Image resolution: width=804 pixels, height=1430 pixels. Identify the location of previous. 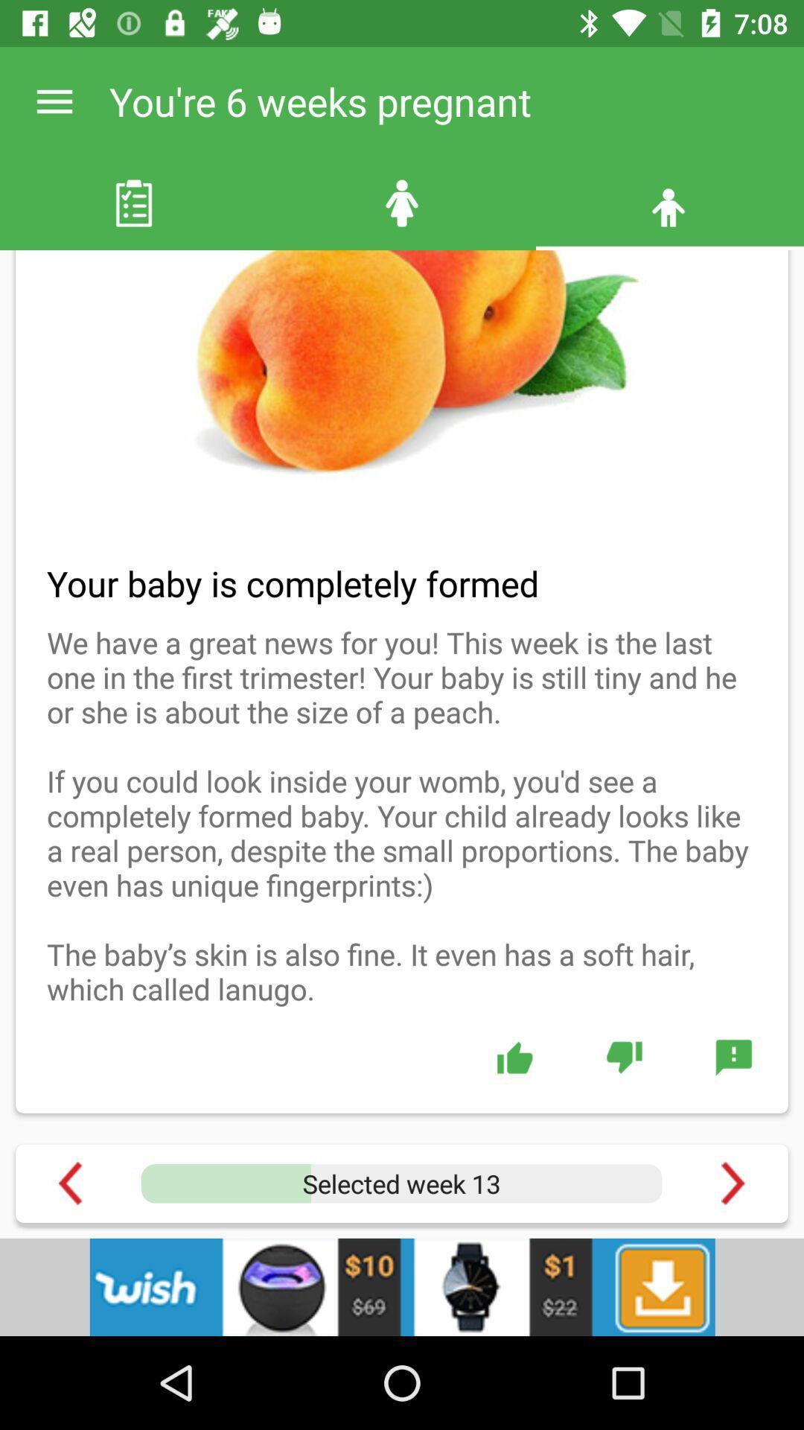
(70, 1183).